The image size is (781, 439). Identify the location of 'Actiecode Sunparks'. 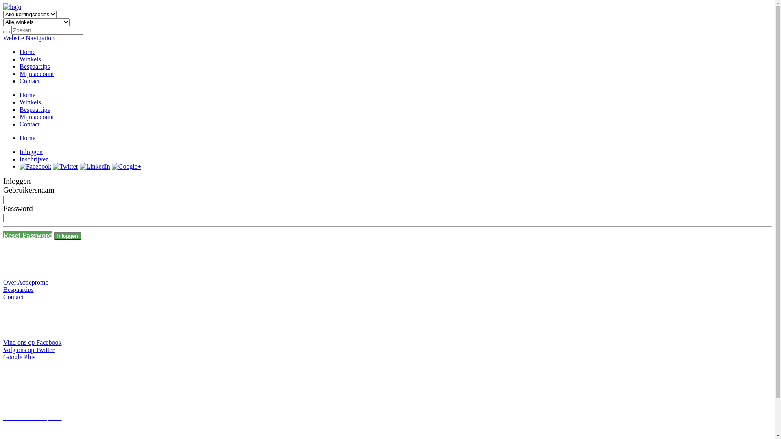
(3, 424).